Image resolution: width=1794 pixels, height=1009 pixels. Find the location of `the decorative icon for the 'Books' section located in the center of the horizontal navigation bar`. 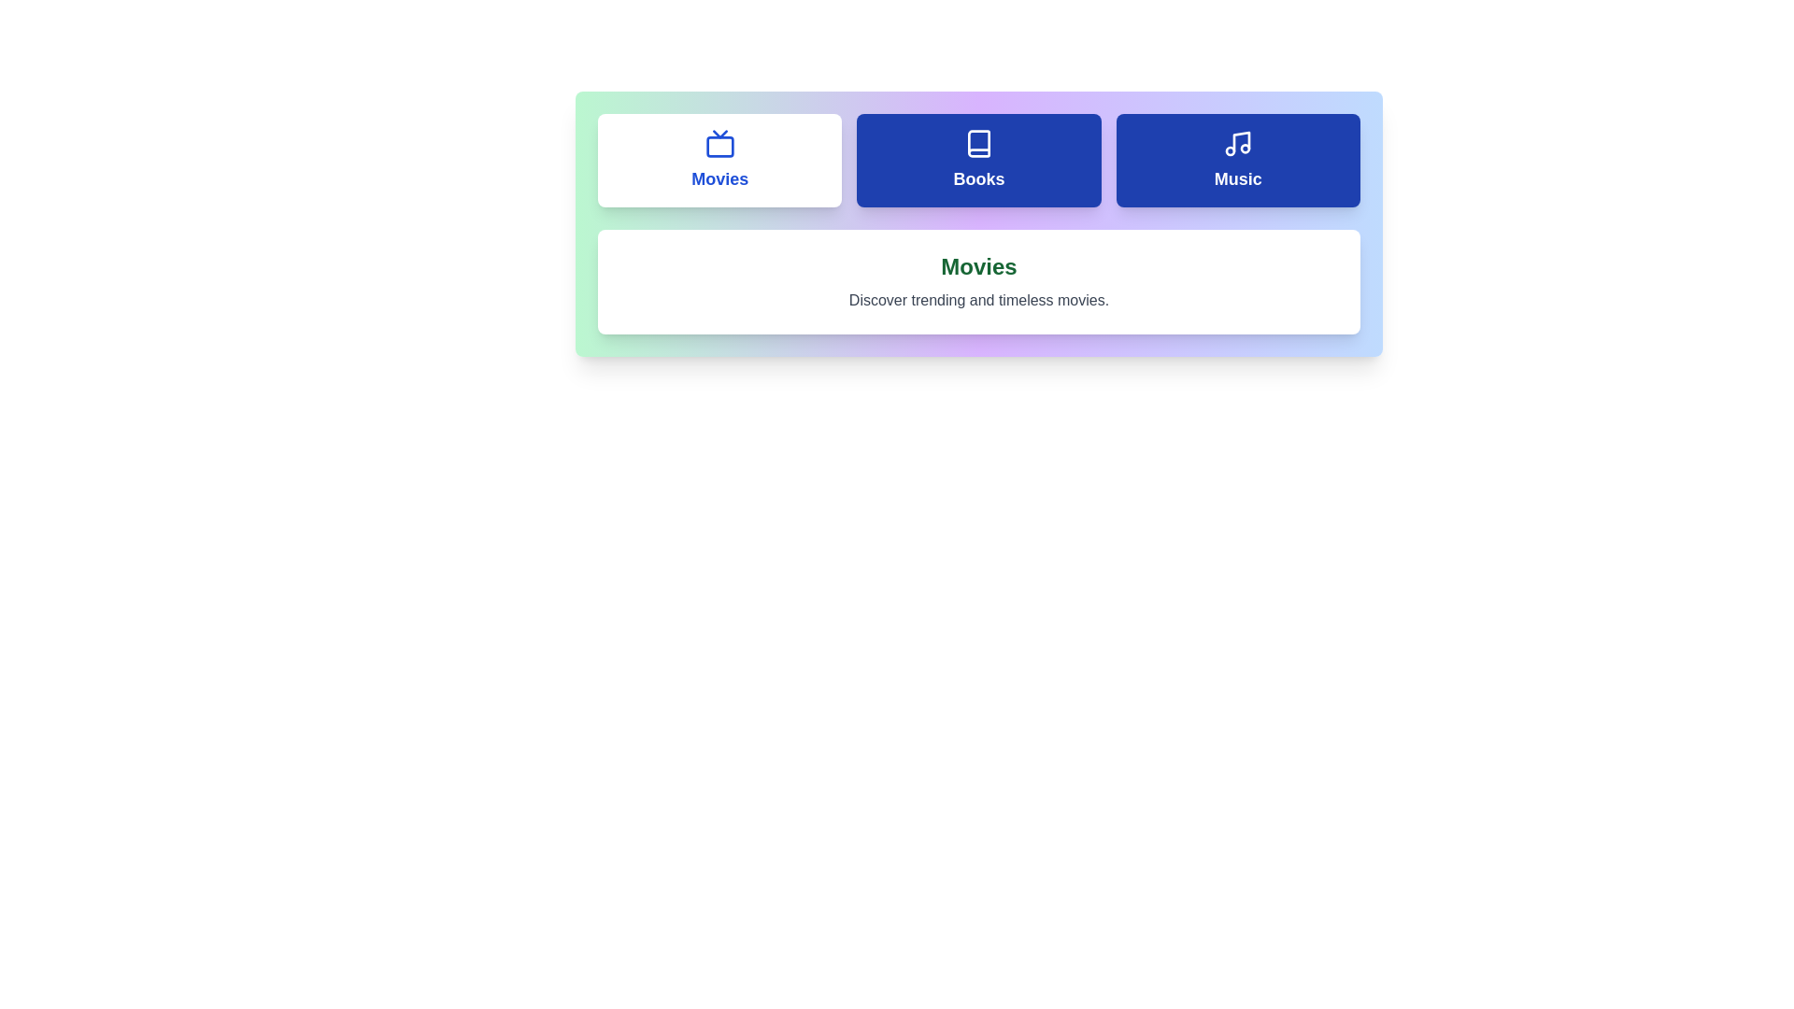

the decorative icon for the 'Books' section located in the center of the horizontal navigation bar is located at coordinates (977, 143).